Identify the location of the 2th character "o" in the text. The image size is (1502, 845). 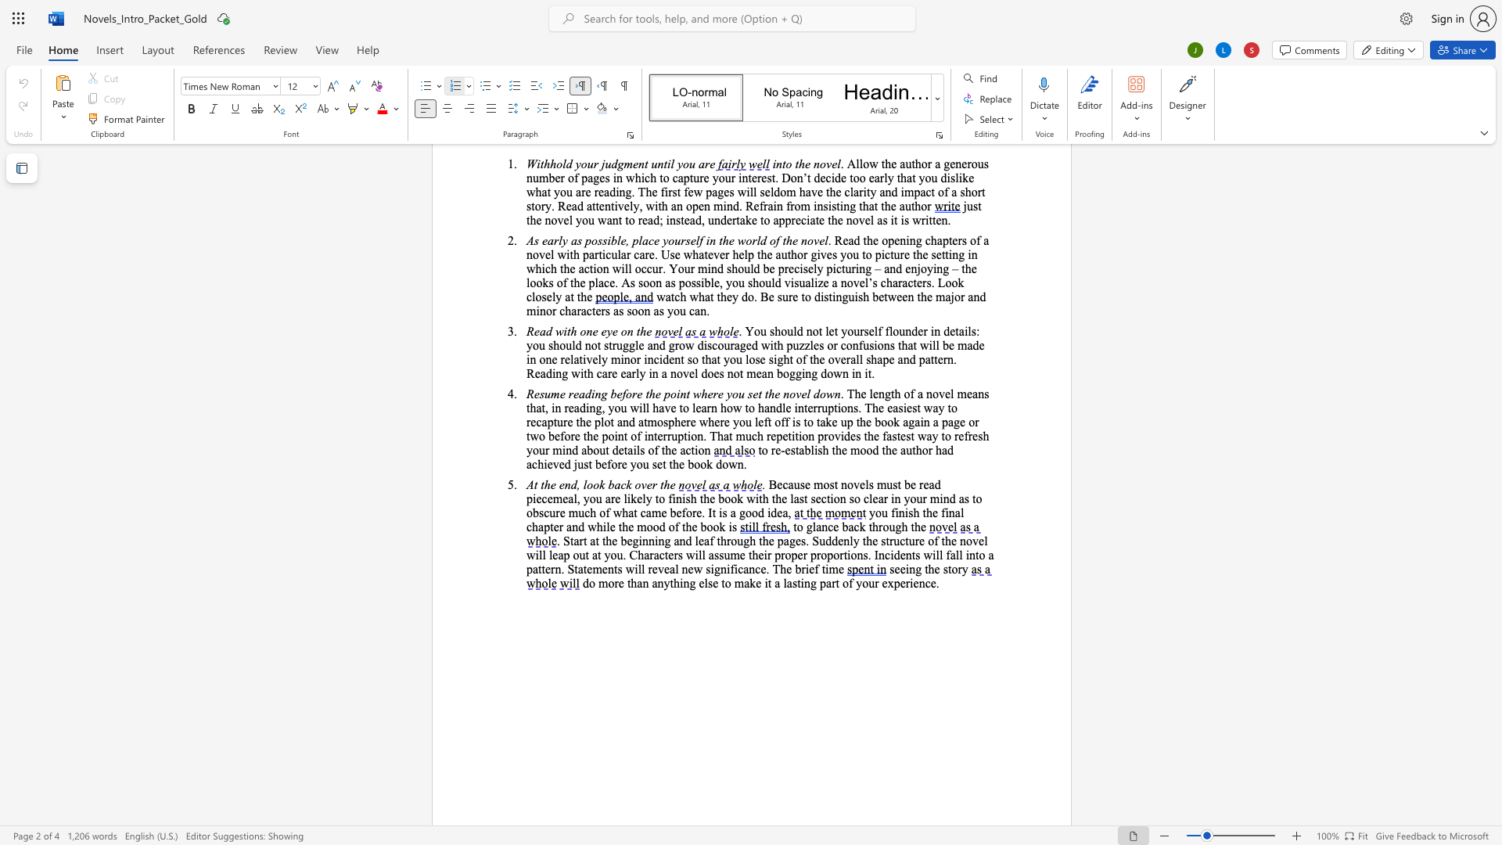
(754, 512).